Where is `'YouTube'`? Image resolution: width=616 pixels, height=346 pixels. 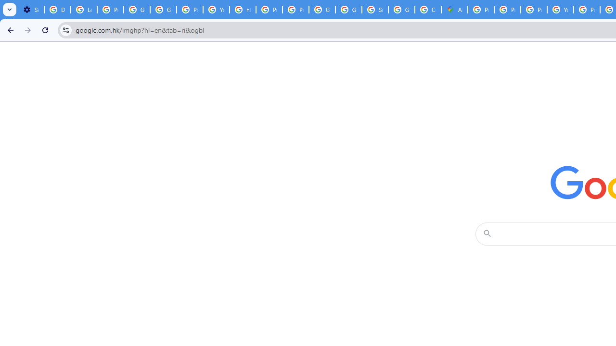
'YouTube' is located at coordinates (216, 10).